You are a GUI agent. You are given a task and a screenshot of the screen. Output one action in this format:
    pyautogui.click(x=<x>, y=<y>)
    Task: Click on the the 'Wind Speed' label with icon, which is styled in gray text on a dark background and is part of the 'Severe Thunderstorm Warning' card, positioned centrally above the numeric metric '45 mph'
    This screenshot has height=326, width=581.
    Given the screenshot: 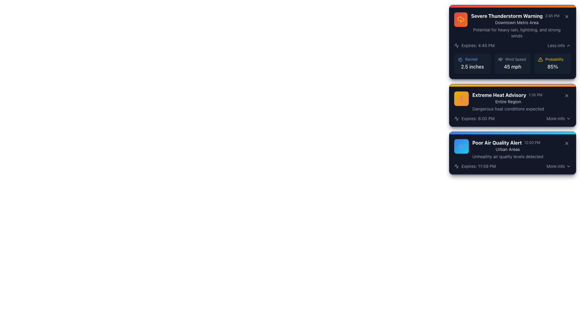 What is the action you would take?
    pyautogui.click(x=512, y=59)
    